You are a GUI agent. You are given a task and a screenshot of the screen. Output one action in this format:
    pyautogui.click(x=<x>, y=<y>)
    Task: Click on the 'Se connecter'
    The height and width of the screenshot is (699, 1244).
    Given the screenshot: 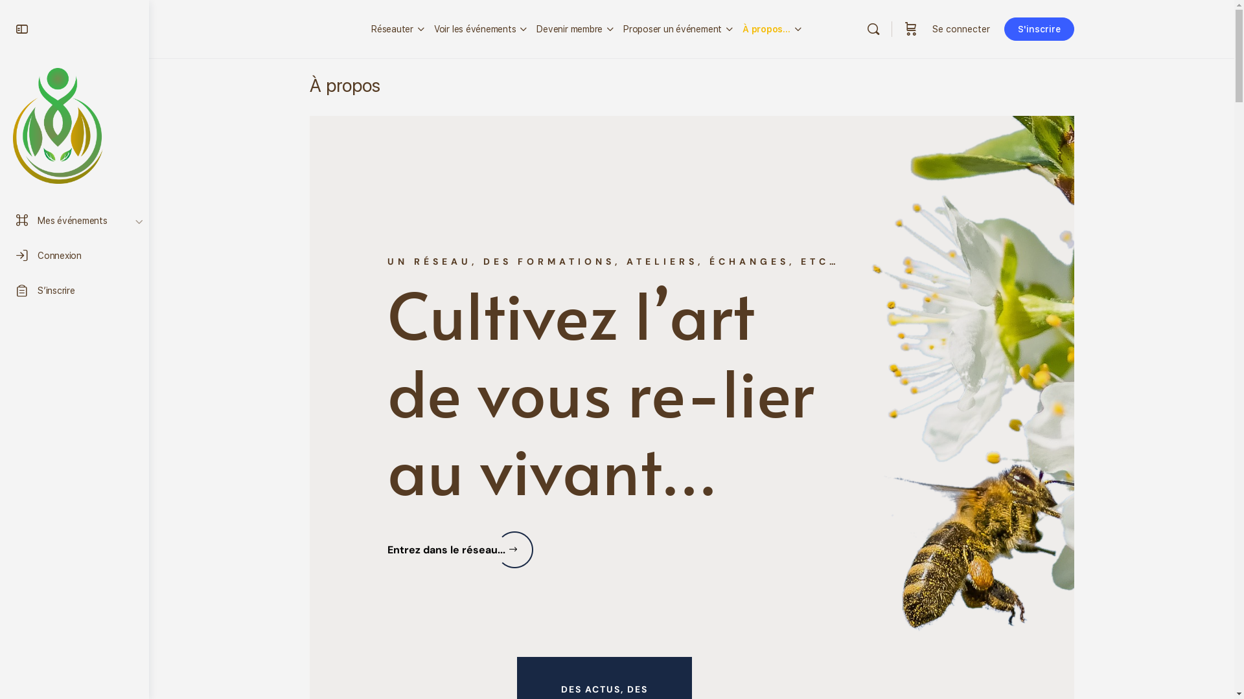 What is the action you would take?
    pyautogui.click(x=923, y=29)
    